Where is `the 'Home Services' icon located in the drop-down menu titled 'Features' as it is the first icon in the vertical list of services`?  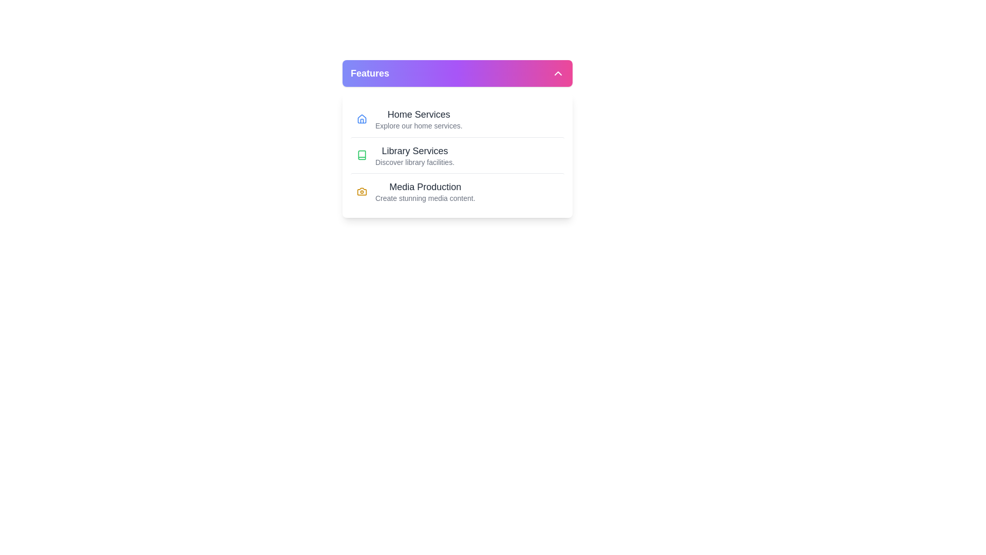
the 'Home Services' icon located in the drop-down menu titled 'Features' as it is the first icon in the vertical list of services is located at coordinates (362, 118).